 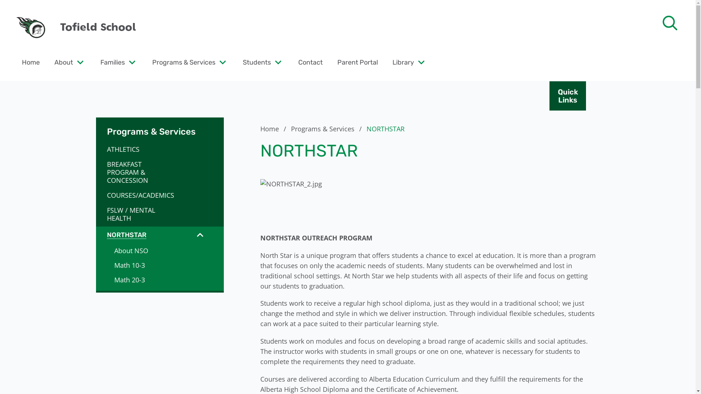 What do you see at coordinates (567, 95) in the screenshot?
I see `'Quick Links'` at bounding box center [567, 95].